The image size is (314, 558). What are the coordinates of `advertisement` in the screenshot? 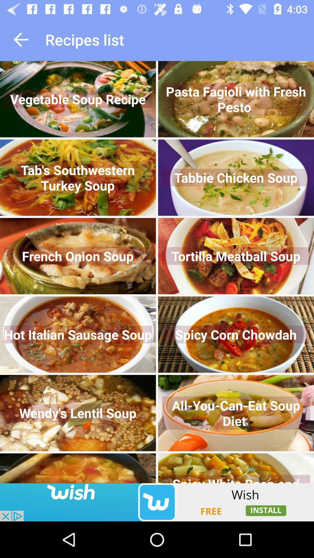 It's located at (157, 502).